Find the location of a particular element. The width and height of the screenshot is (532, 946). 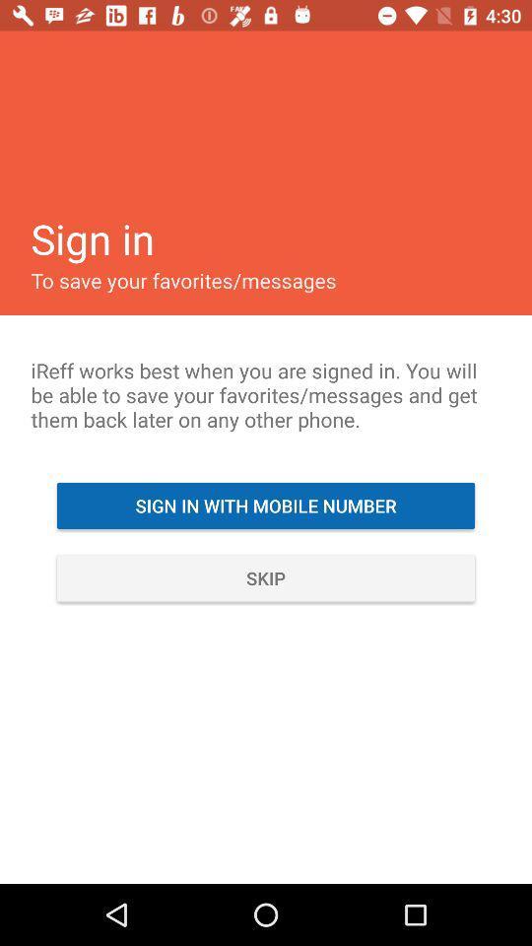

skip item is located at coordinates (266, 577).